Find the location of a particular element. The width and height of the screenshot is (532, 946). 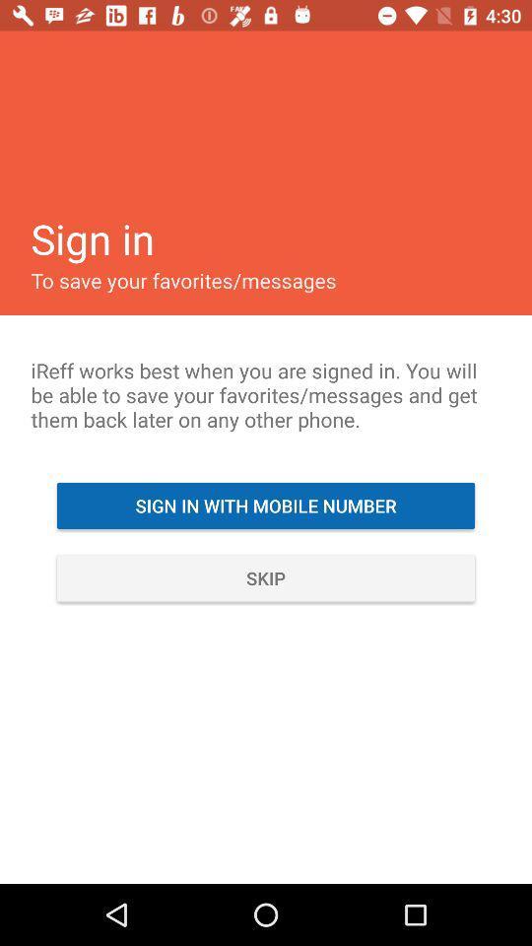

skip item is located at coordinates (266, 577).